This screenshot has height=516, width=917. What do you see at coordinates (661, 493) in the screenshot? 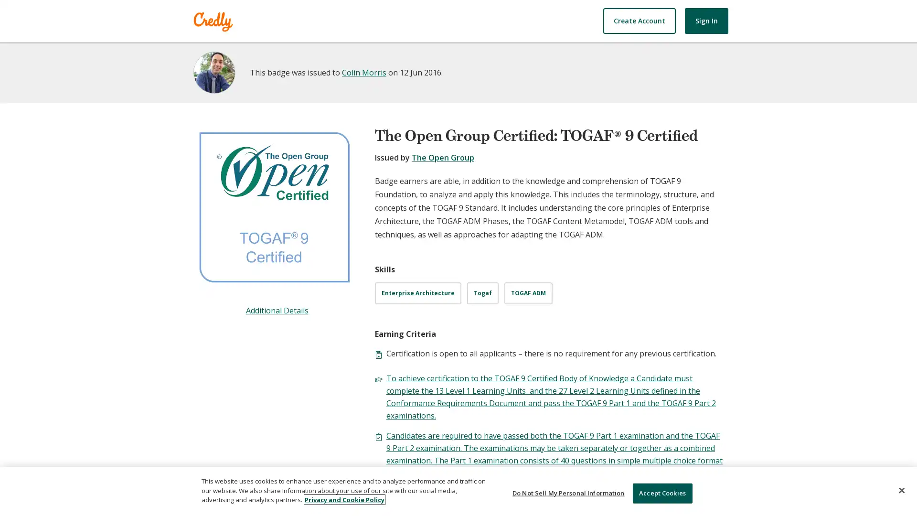
I see `Accept Cookies` at bounding box center [661, 493].